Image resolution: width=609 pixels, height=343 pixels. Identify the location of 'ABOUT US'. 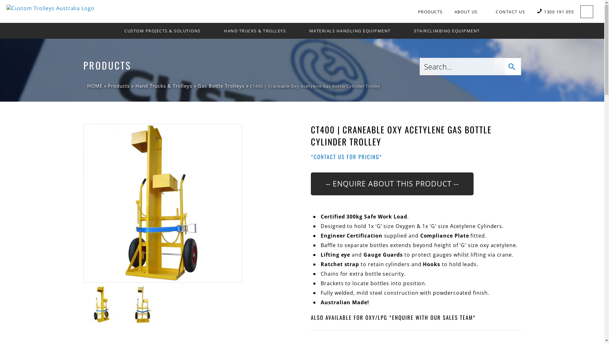
(469, 12).